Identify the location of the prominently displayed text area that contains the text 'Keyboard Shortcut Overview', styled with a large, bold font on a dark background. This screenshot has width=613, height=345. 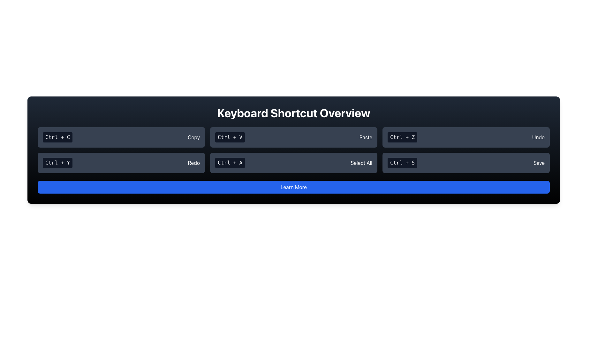
(293, 113).